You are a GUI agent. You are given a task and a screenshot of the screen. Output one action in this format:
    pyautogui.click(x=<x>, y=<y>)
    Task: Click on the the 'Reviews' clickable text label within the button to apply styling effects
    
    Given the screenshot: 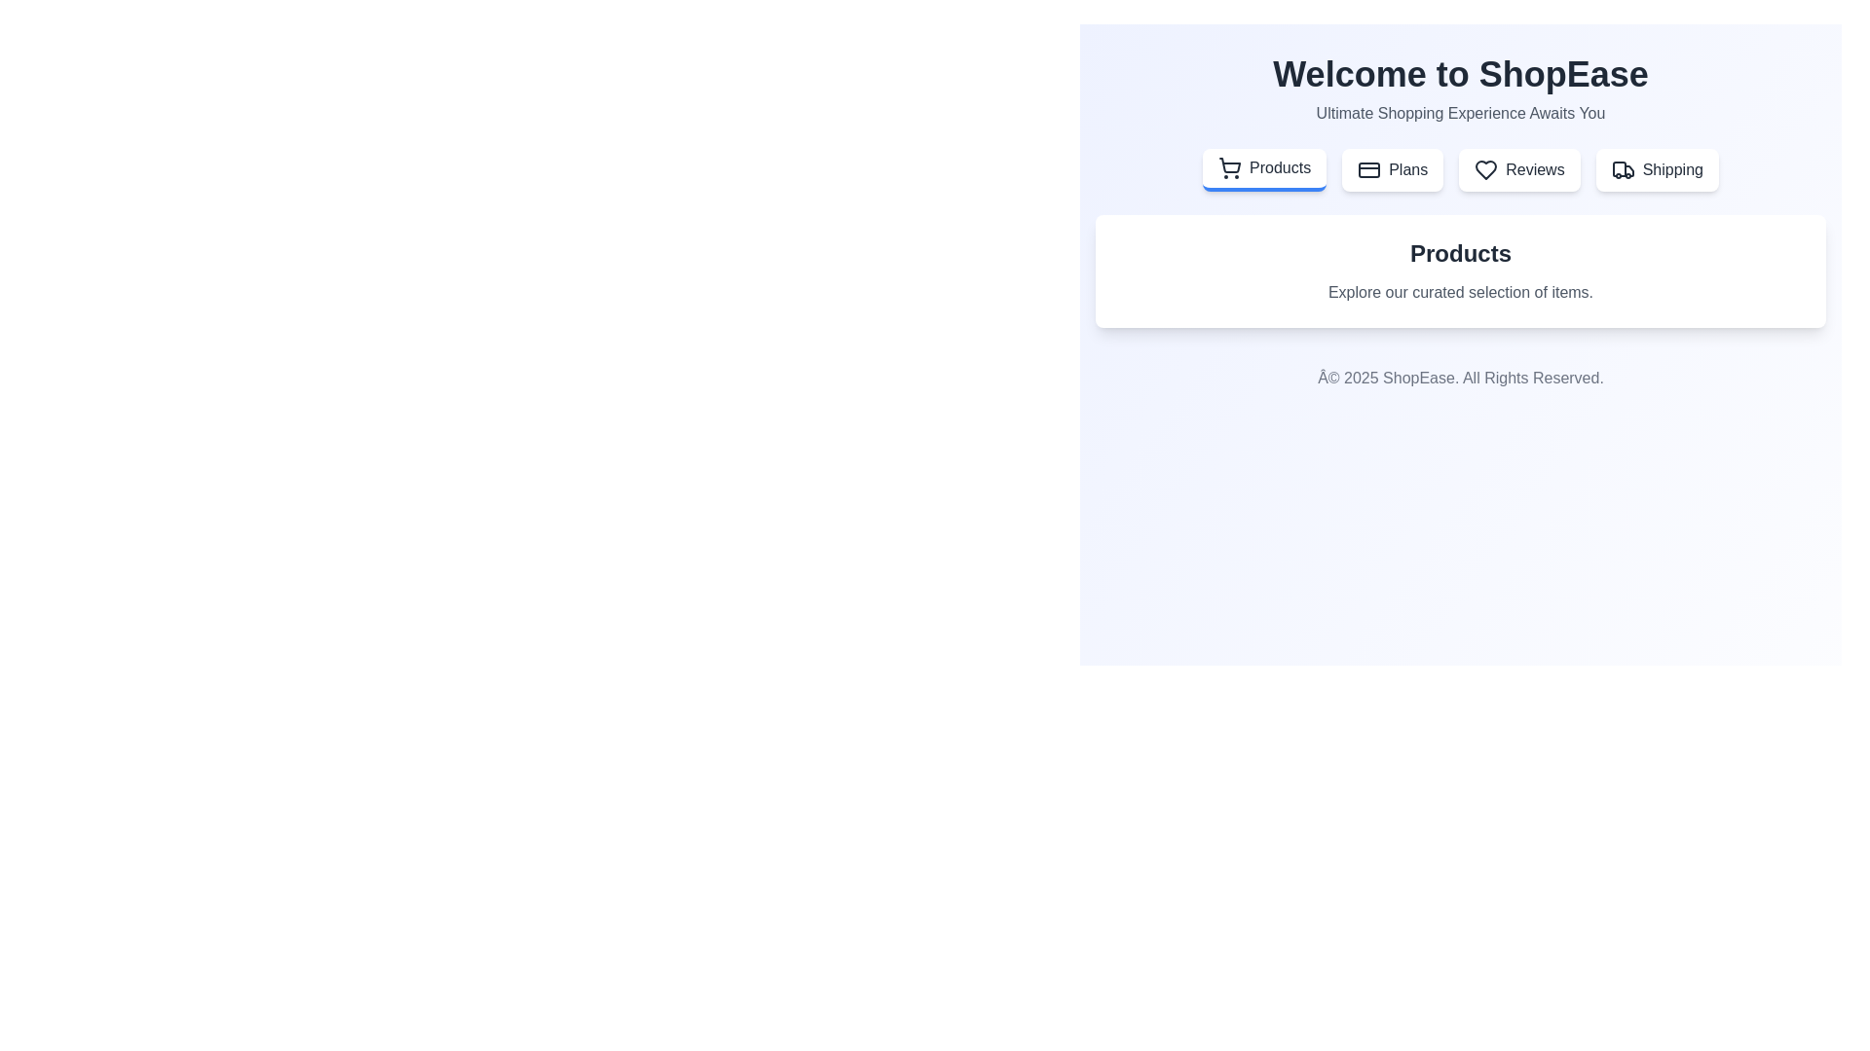 What is the action you would take?
    pyautogui.click(x=1534, y=168)
    